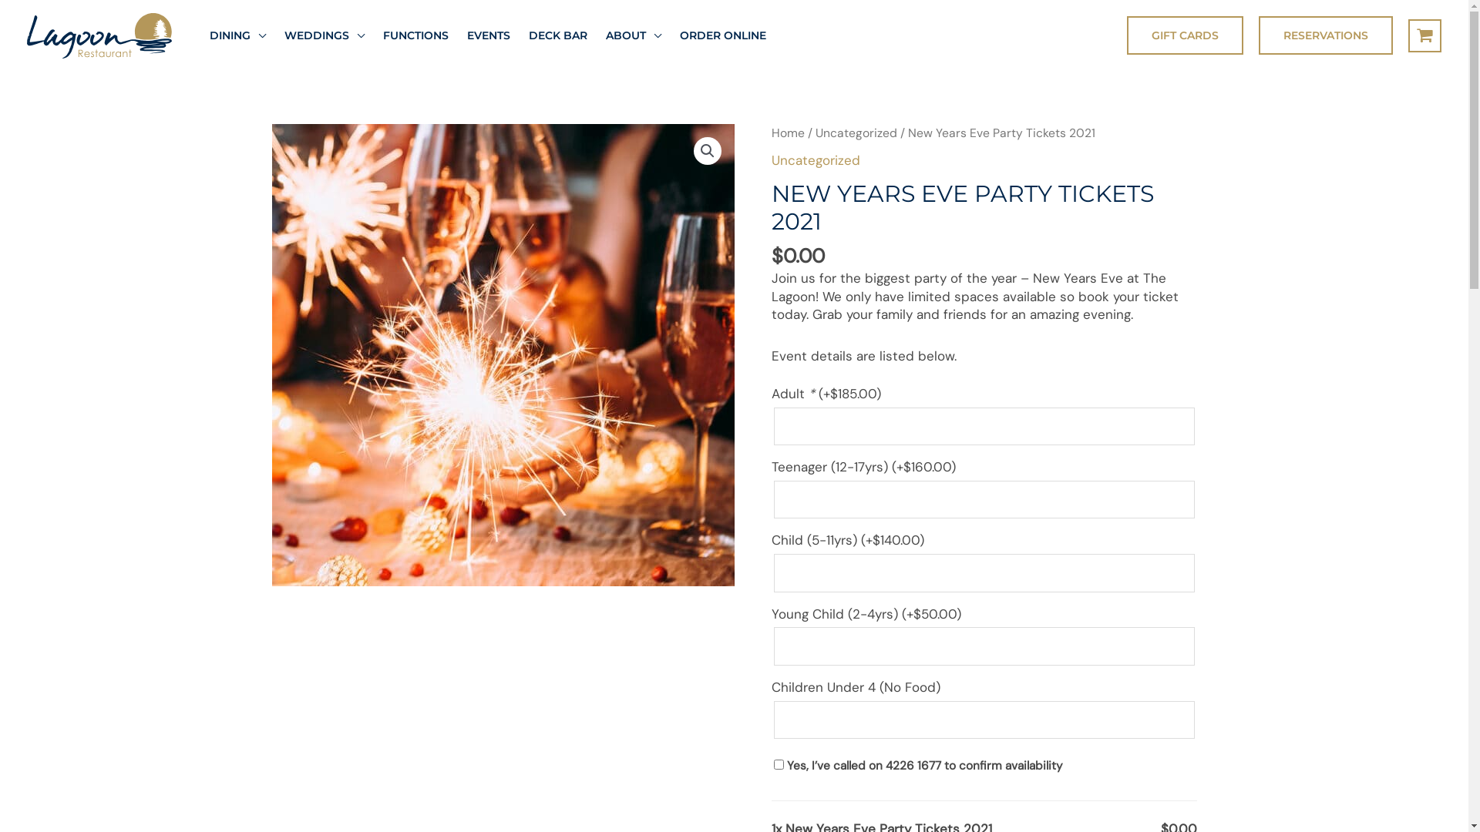 The height and width of the screenshot is (832, 1480). Describe the element at coordinates (237, 35) in the screenshot. I see `'DINING'` at that location.